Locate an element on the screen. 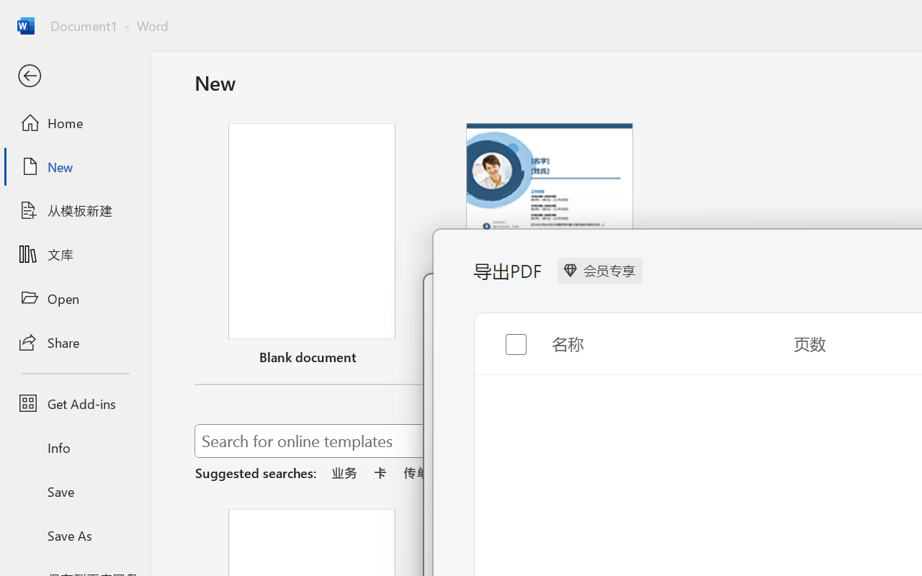 This screenshot has height=576, width=922. 'Blank document' is located at coordinates (311, 247).